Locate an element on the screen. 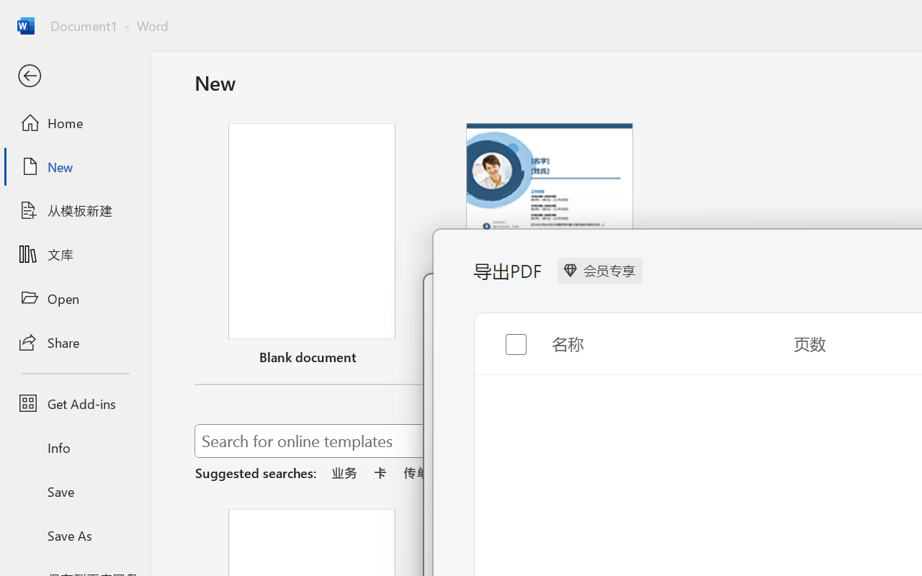 This screenshot has height=576, width=922. 'Blank document' is located at coordinates (311, 247).